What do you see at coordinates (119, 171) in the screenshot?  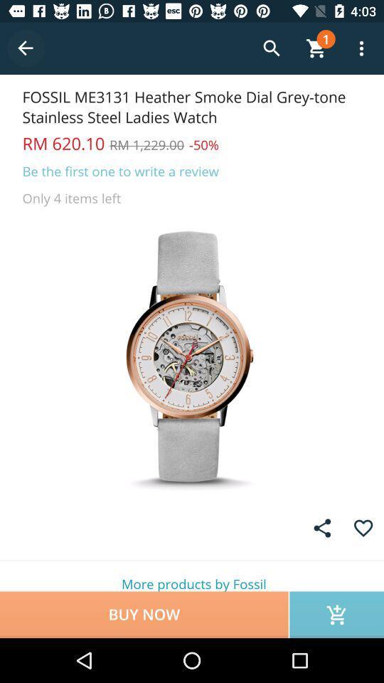 I see `the item above the only 4 items icon` at bounding box center [119, 171].